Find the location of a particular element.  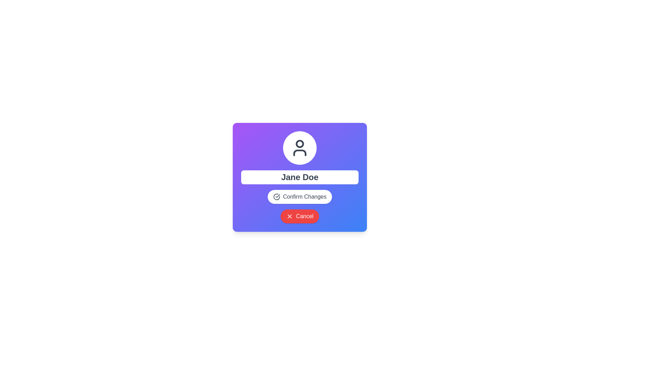

the Profile representation component (UI icon) that symbolizes the user's profile, which is centrally placed in the card-like UI component is located at coordinates (300, 148).